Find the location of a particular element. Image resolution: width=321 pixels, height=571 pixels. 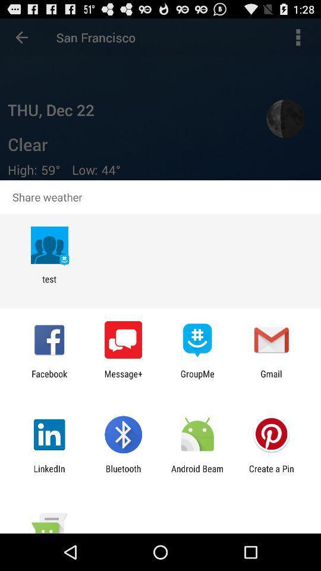

facebook icon is located at coordinates (49, 378).